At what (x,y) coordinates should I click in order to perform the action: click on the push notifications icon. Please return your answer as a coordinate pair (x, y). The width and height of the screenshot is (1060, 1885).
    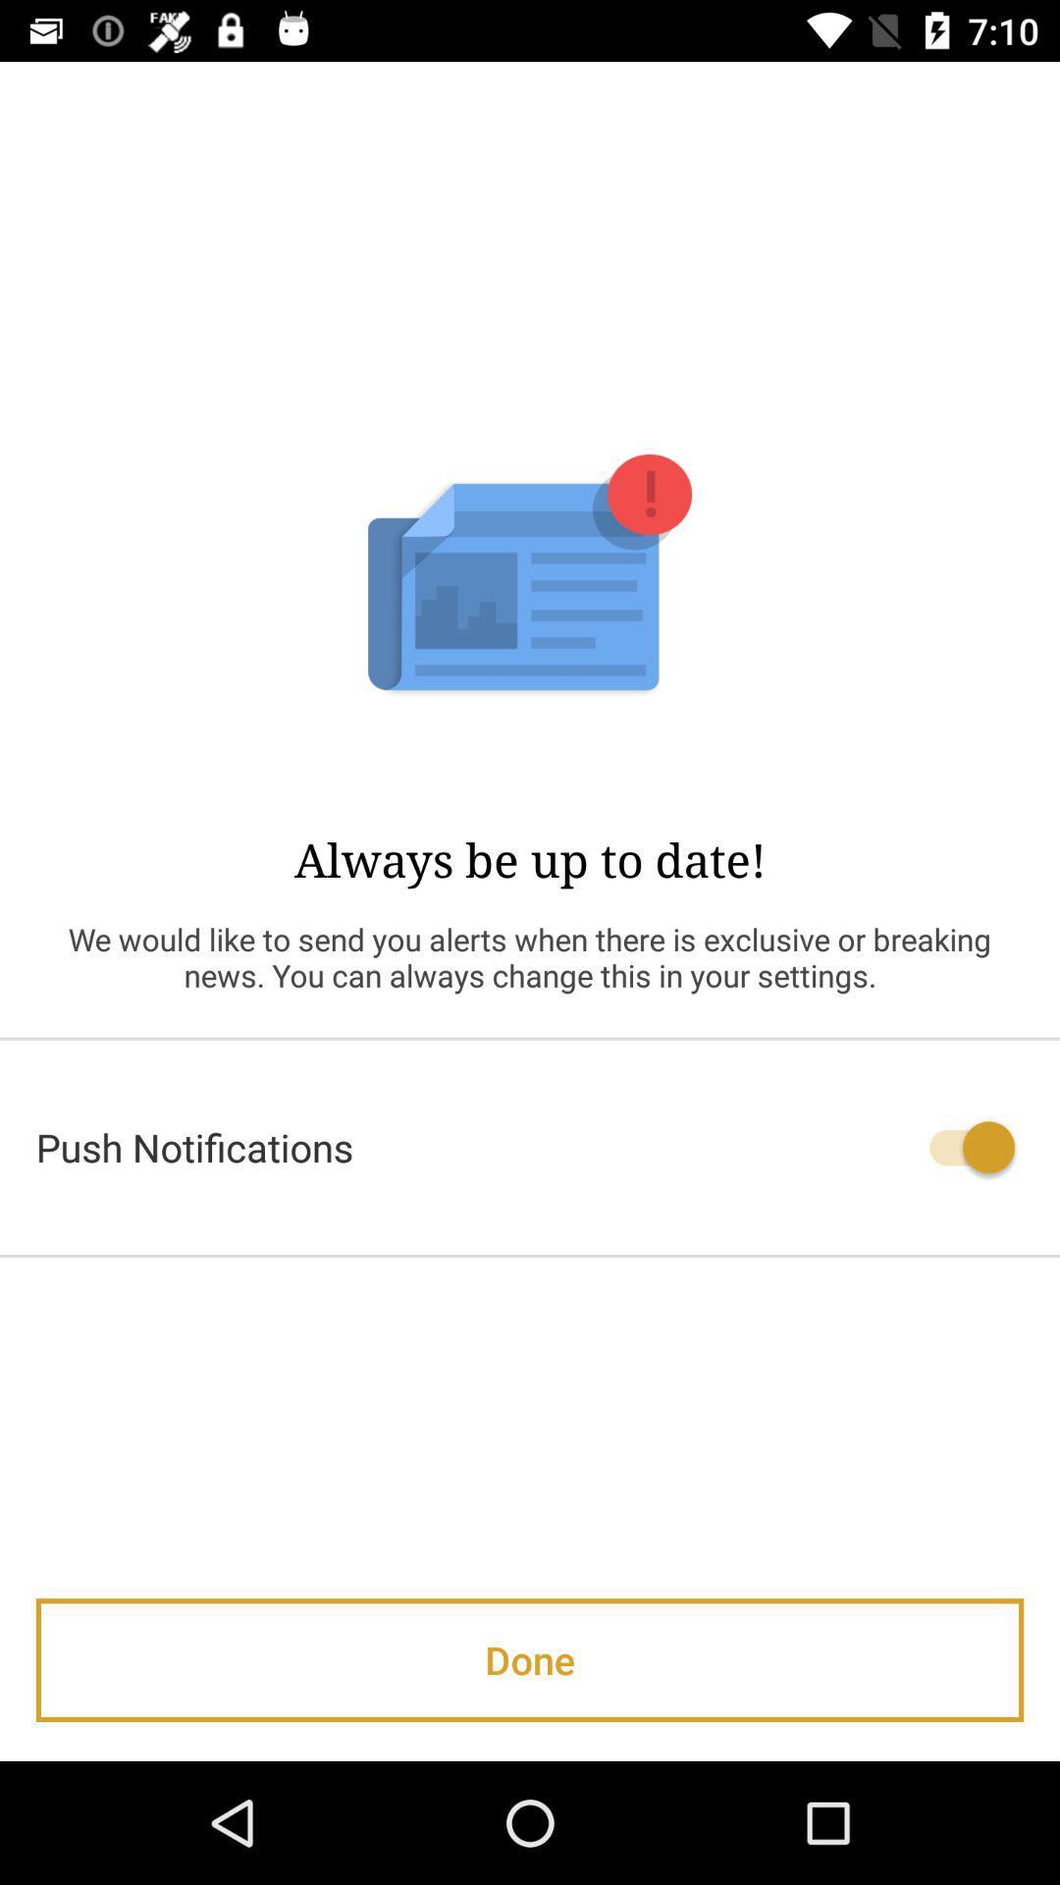
    Looking at the image, I should click on (530, 1147).